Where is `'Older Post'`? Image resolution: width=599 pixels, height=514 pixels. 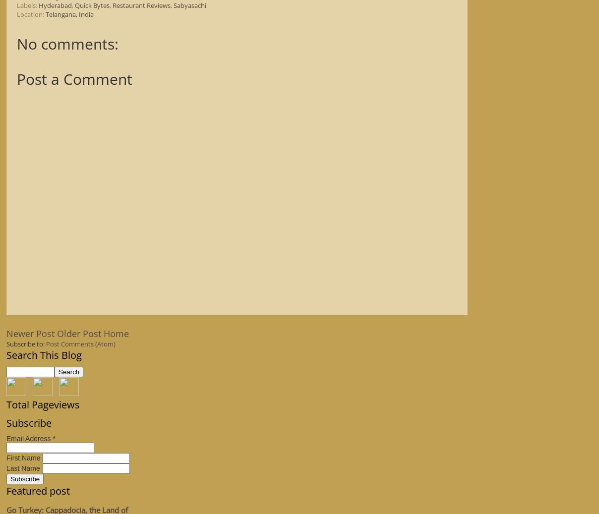 'Older Post' is located at coordinates (79, 333).